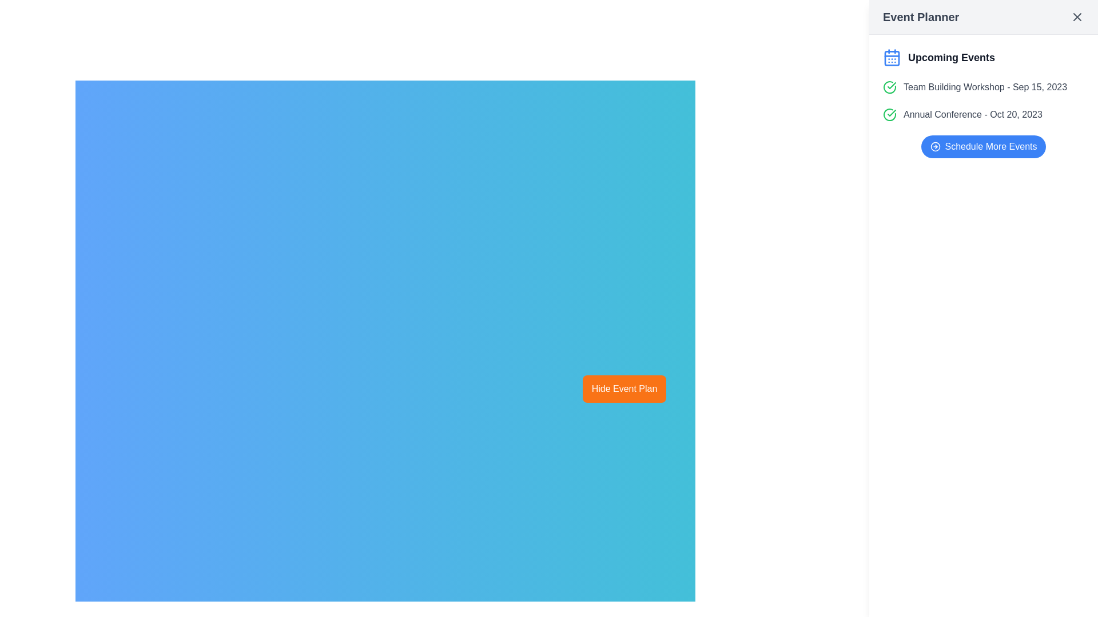 This screenshot has height=617, width=1098. Describe the element at coordinates (952, 57) in the screenshot. I see `the 'Upcoming Events' text header, which is styled in a bold font and located in the sidebar titled 'Event Planner', adjacent to a calendar icon` at that location.